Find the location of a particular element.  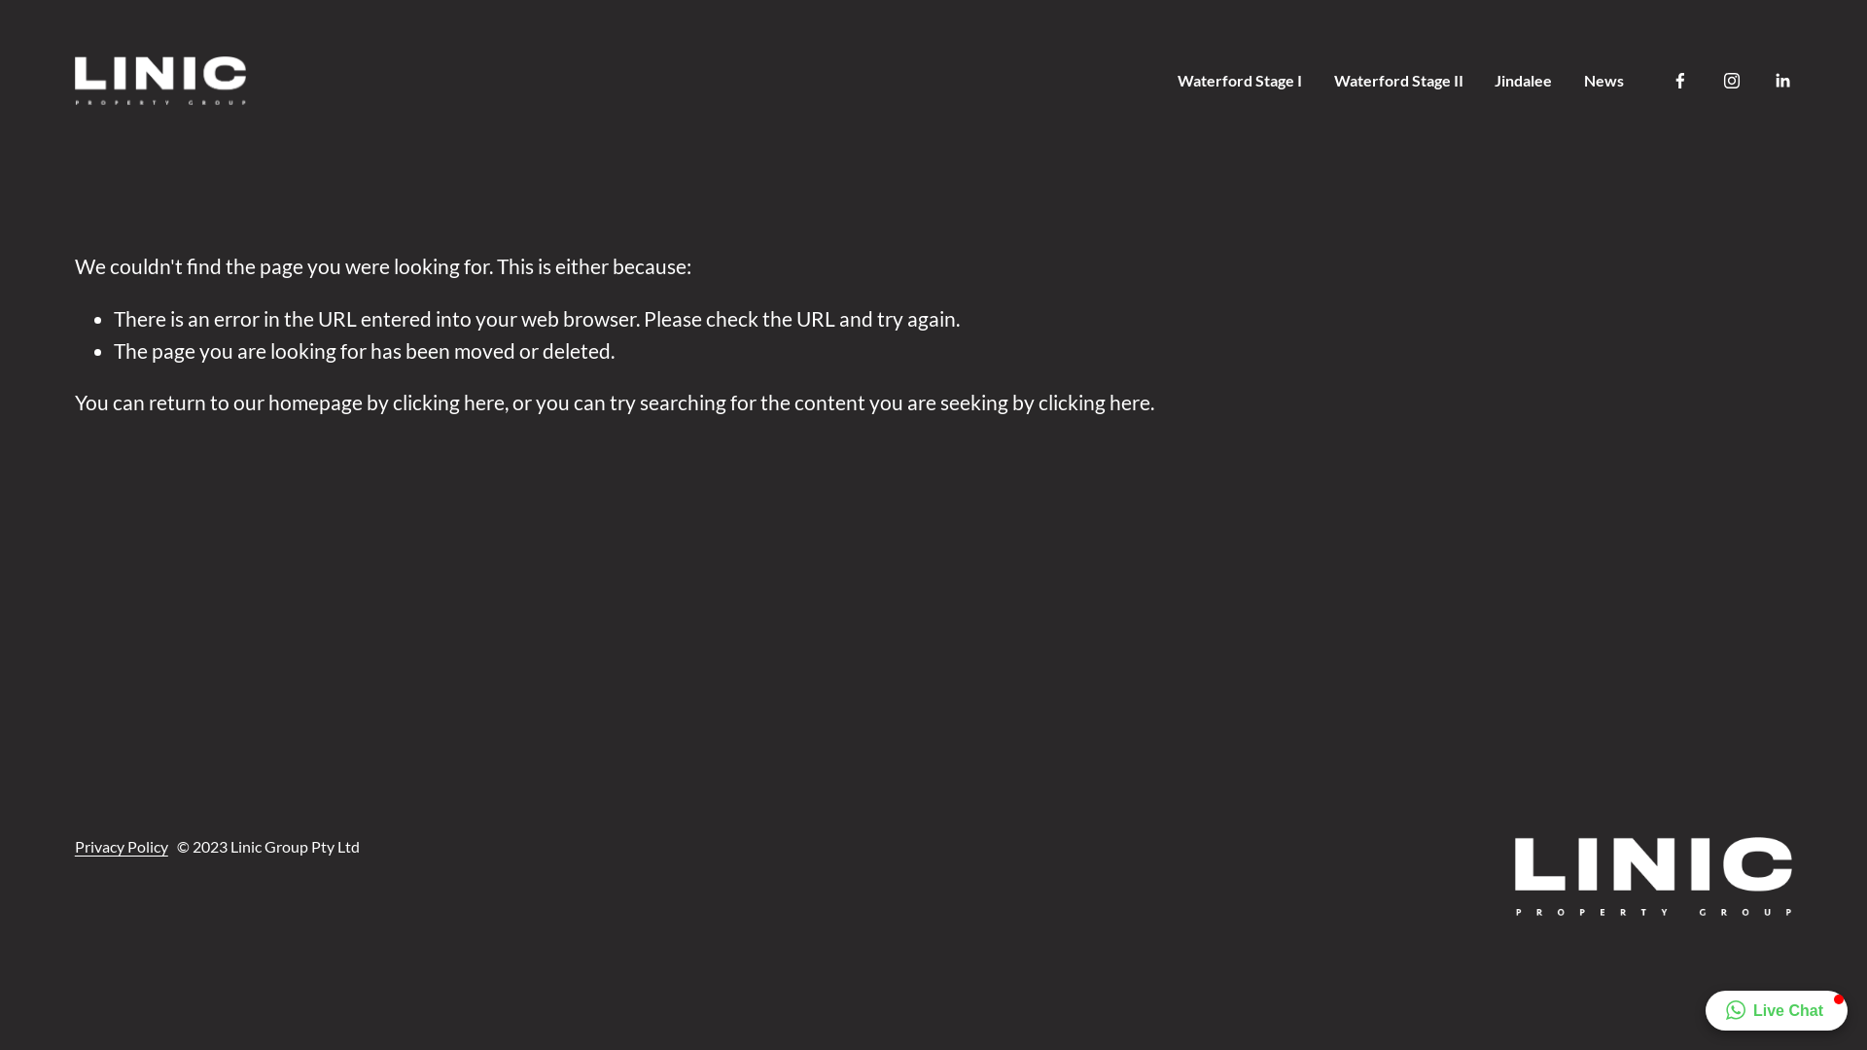

'Live Chat' is located at coordinates (1777, 1009).